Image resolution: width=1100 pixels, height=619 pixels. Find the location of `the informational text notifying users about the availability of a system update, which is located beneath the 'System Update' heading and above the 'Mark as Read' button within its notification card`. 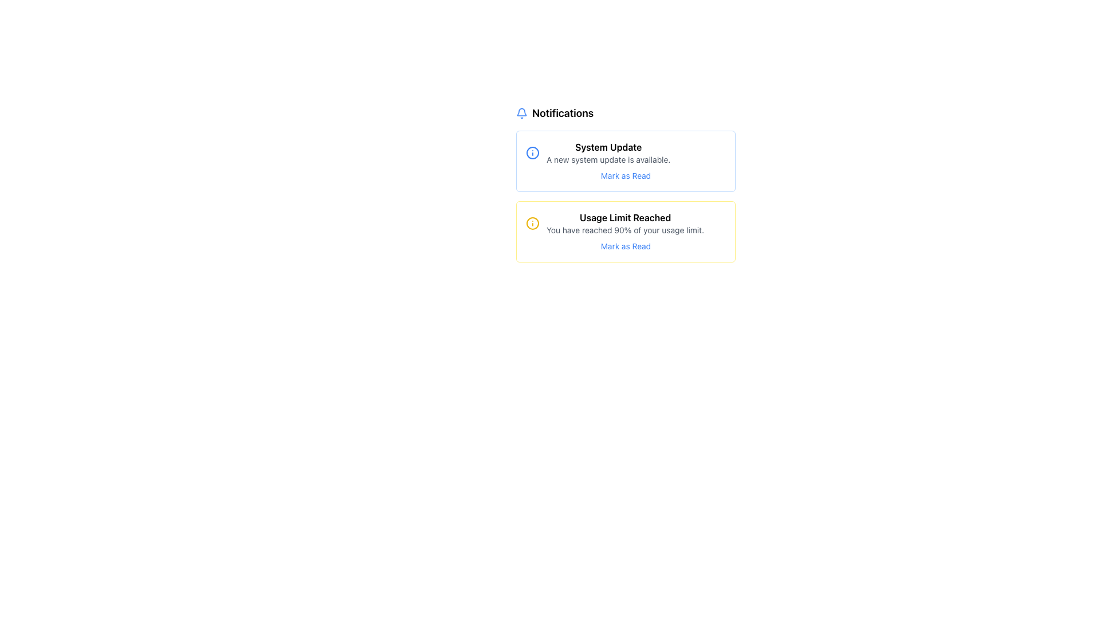

the informational text notifying users about the availability of a system update, which is located beneath the 'System Update' heading and above the 'Mark as Read' button within its notification card is located at coordinates (608, 159).